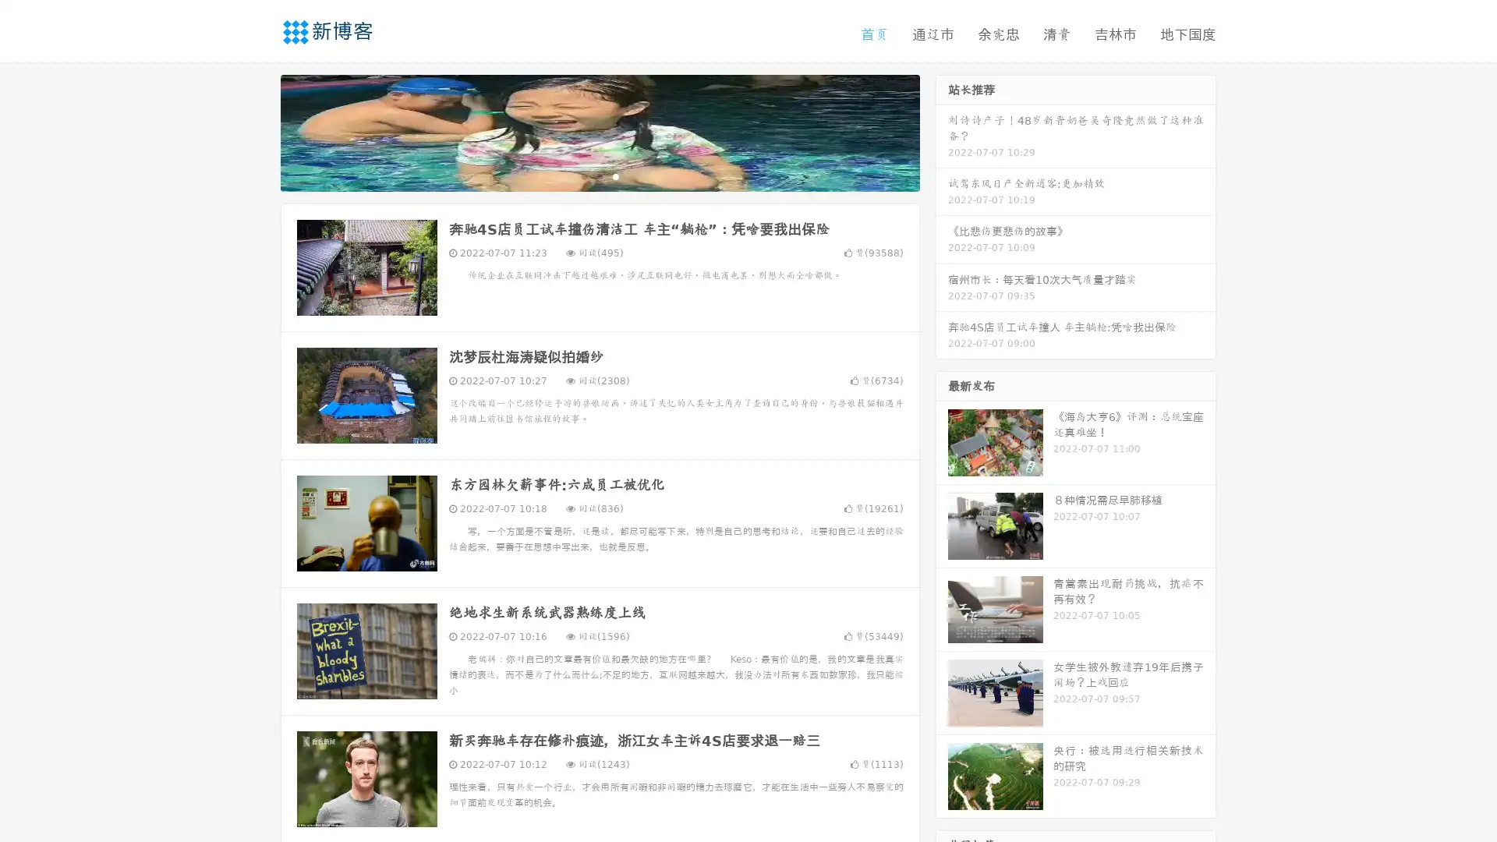  Describe the element at coordinates (583, 175) in the screenshot. I see `Go to slide 1` at that location.